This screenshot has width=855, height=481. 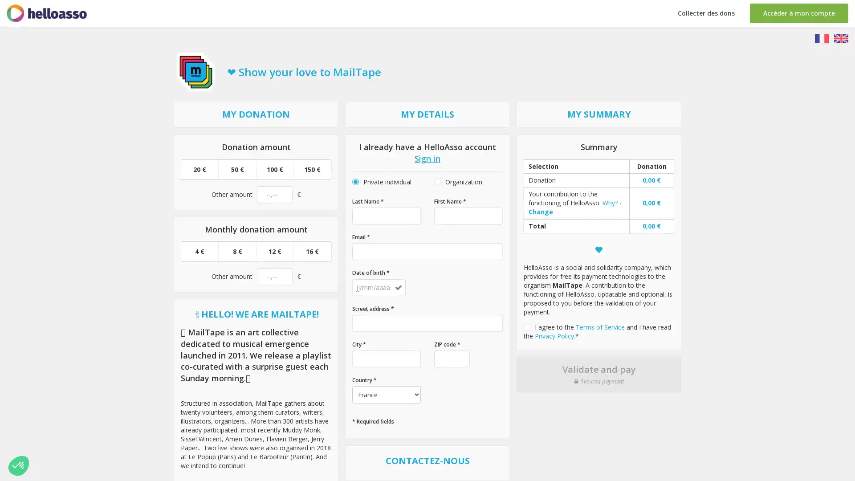 I want to click on Parametrer, so click(x=102, y=436).